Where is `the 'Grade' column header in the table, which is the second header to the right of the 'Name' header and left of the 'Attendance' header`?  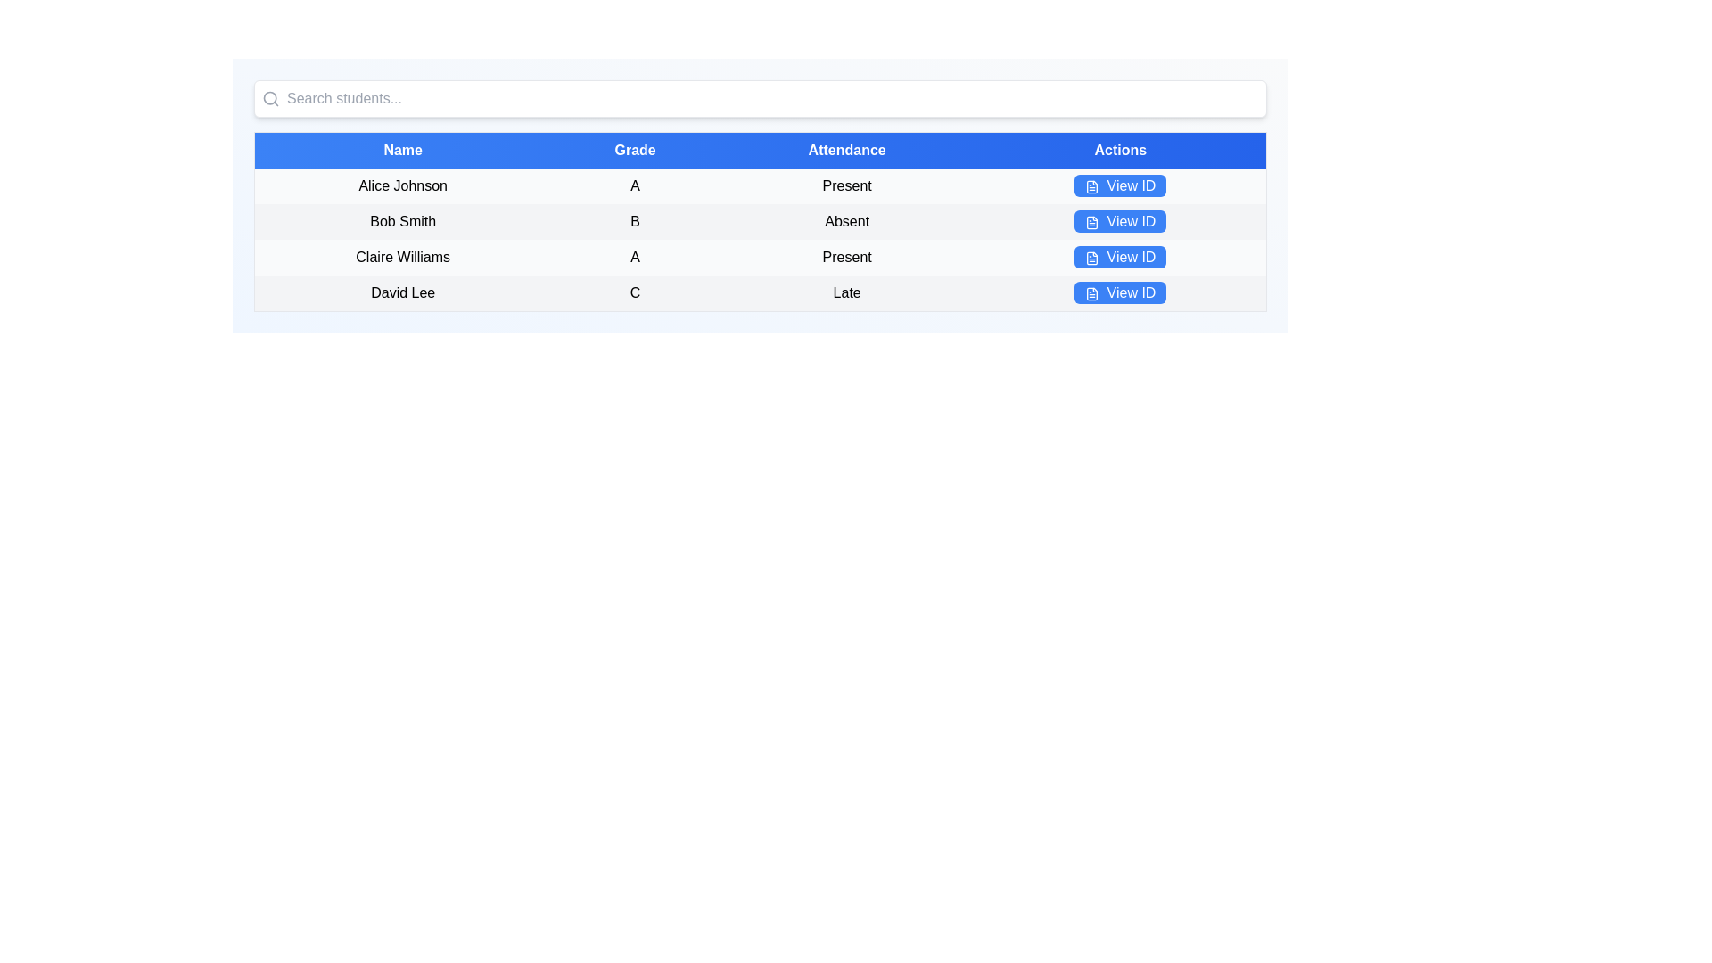
the 'Grade' column header in the table, which is the second header to the right of the 'Name' header and left of the 'Attendance' header is located at coordinates (635, 149).